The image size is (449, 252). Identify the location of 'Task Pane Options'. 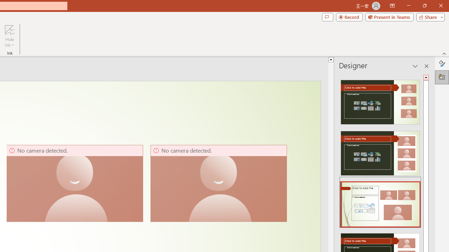
(415, 66).